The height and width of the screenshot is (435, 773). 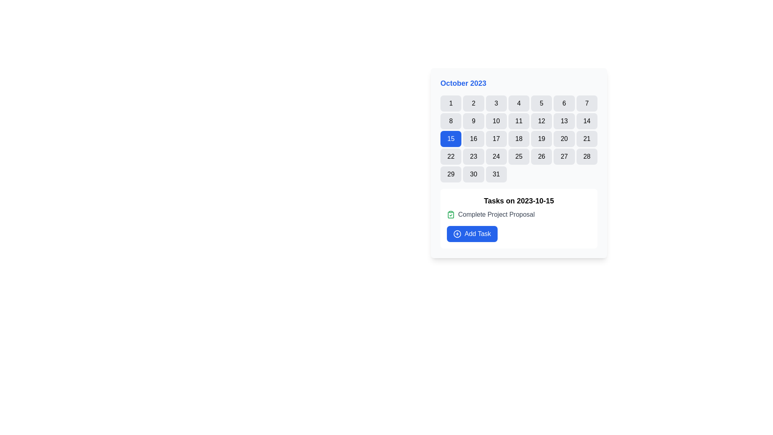 I want to click on the rounded rectangular button labeled '10' in the calendar grid under 'October 2023', located in the second row and third column, to change its background color, so click(x=496, y=121).